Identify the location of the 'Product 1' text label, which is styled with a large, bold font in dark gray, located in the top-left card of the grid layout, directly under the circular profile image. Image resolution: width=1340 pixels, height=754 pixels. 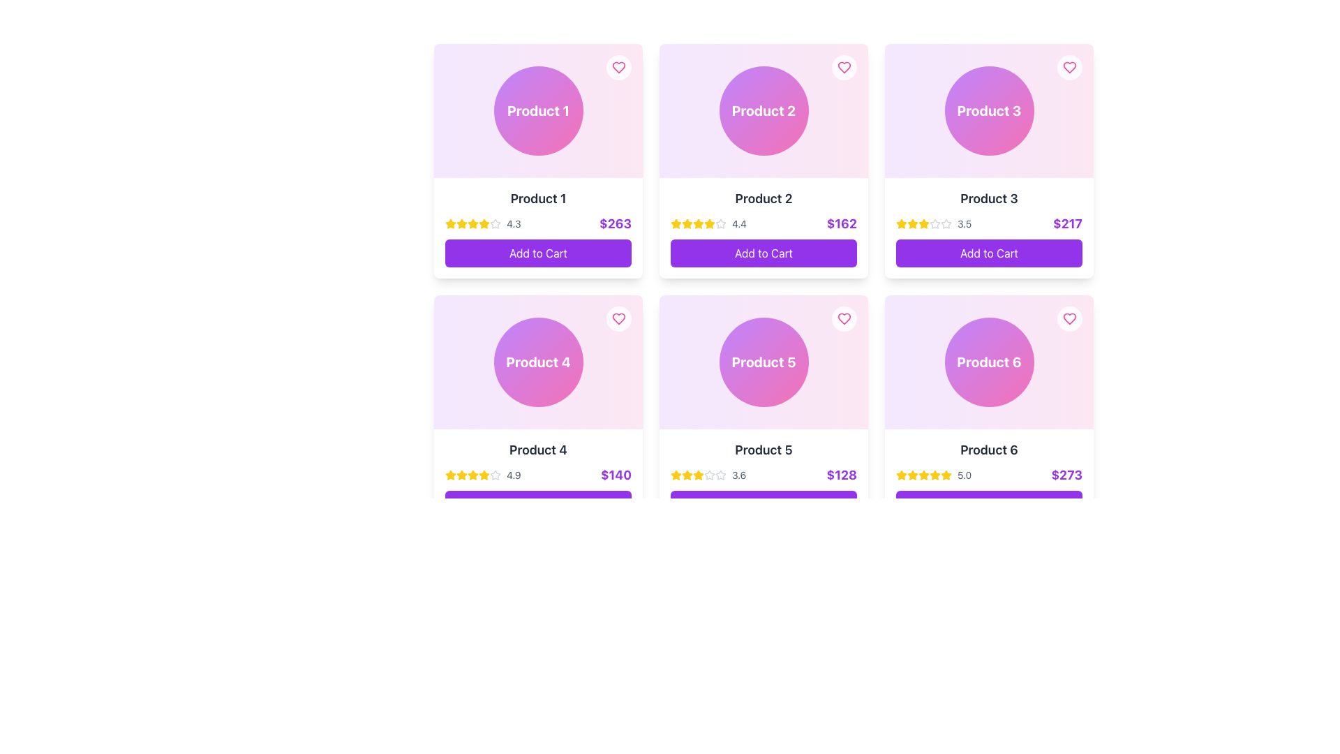
(537, 199).